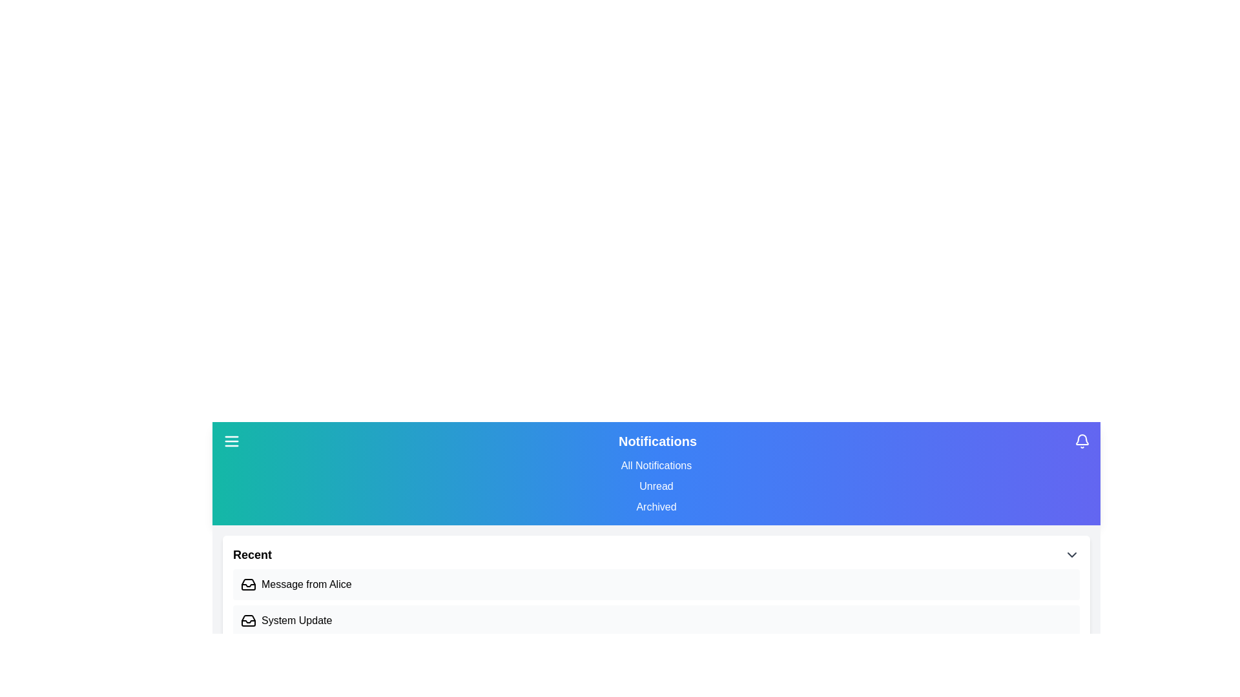 The width and height of the screenshot is (1240, 697). I want to click on the bell icon in the header to simulate a notification-related action, so click(1082, 440).